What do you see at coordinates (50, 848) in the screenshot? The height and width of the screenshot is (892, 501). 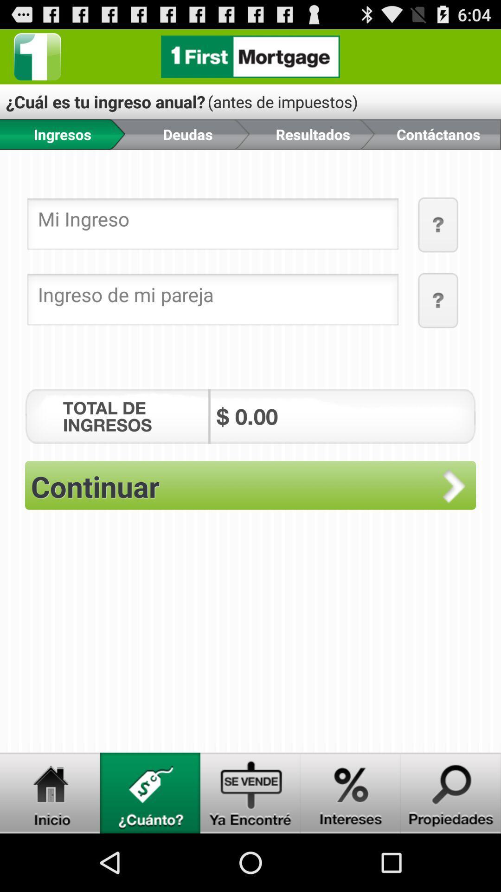 I see `the home icon` at bounding box center [50, 848].